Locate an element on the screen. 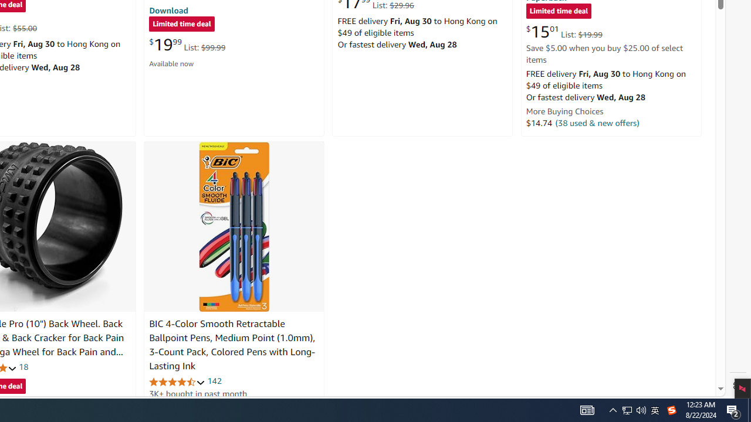 Image resolution: width=751 pixels, height=422 pixels. 'Download' is located at coordinates (168, 10).